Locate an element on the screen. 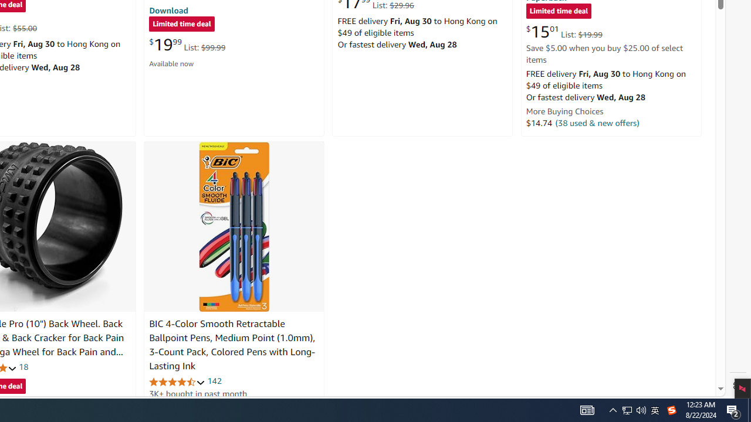 Image resolution: width=751 pixels, height=422 pixels. 'Download' is located at coordinates (168, 10).